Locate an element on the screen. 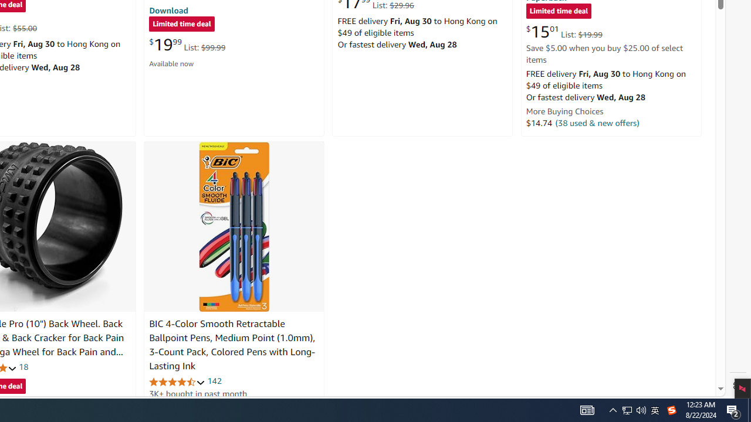 Image resolution: width=751 pixels, height=422 pixels. 'Download' is located at coordinates (168, 10).